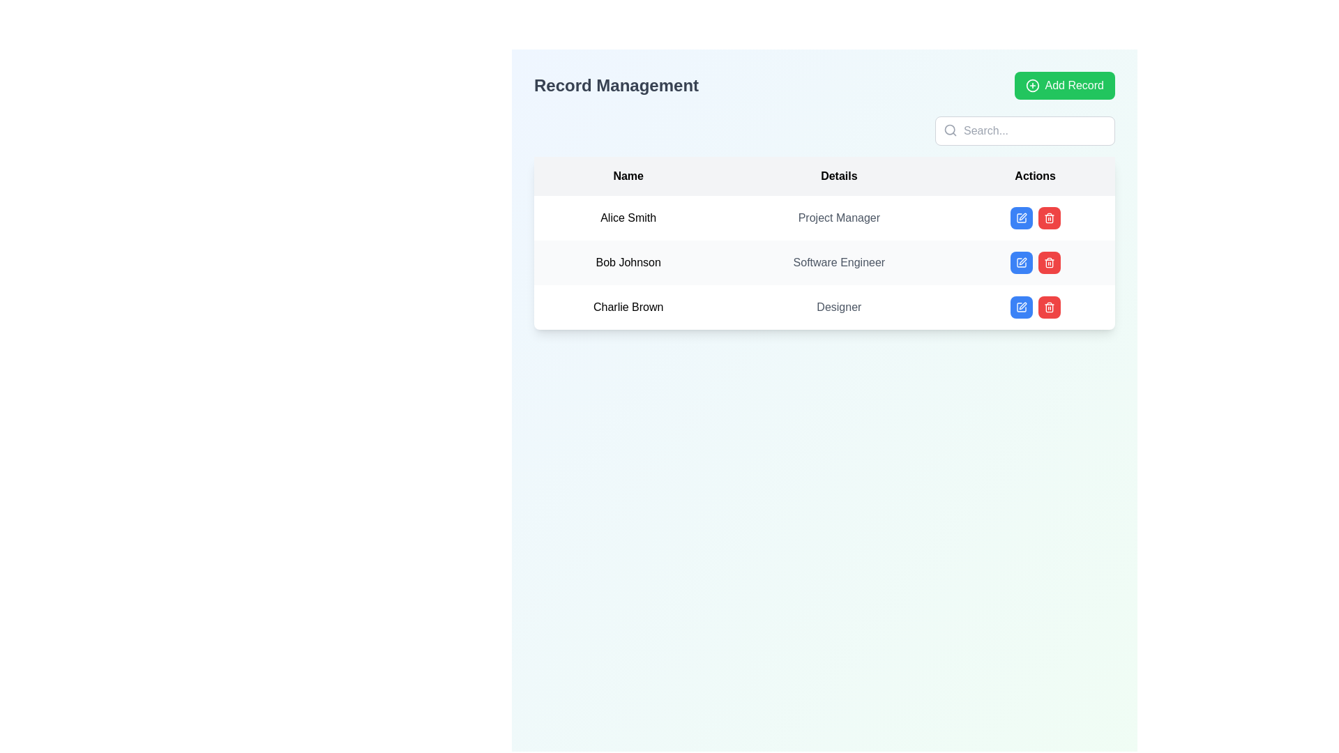 This screenshot has width=1339, height=753. I want to click on and interpret the text content of the third row in the table, which is positioned between the 'Bob Johnson' row and any rows below it, under the 'Name' and 'Details' columns, so click(824, 306).